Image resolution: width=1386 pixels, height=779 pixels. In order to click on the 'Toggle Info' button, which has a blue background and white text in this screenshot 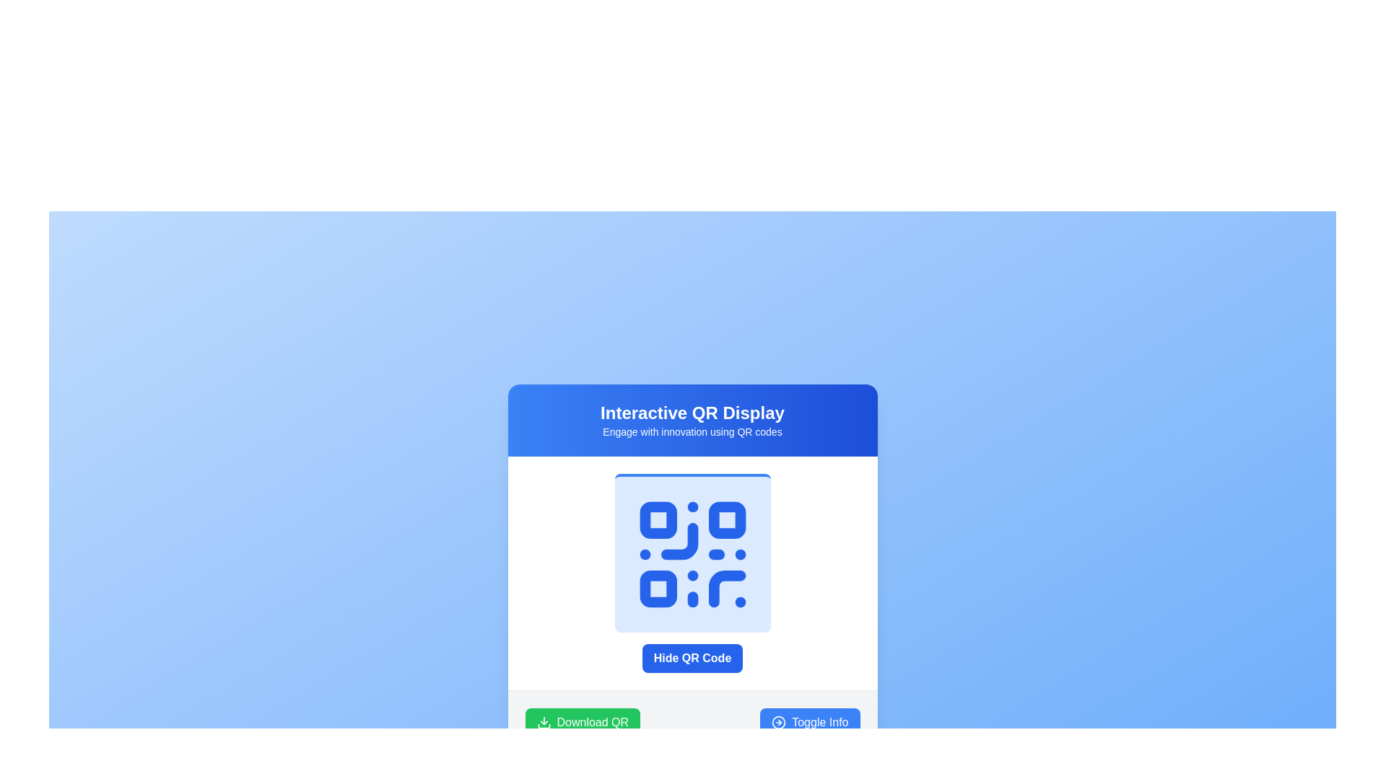, I will do `click(810, 722)`.